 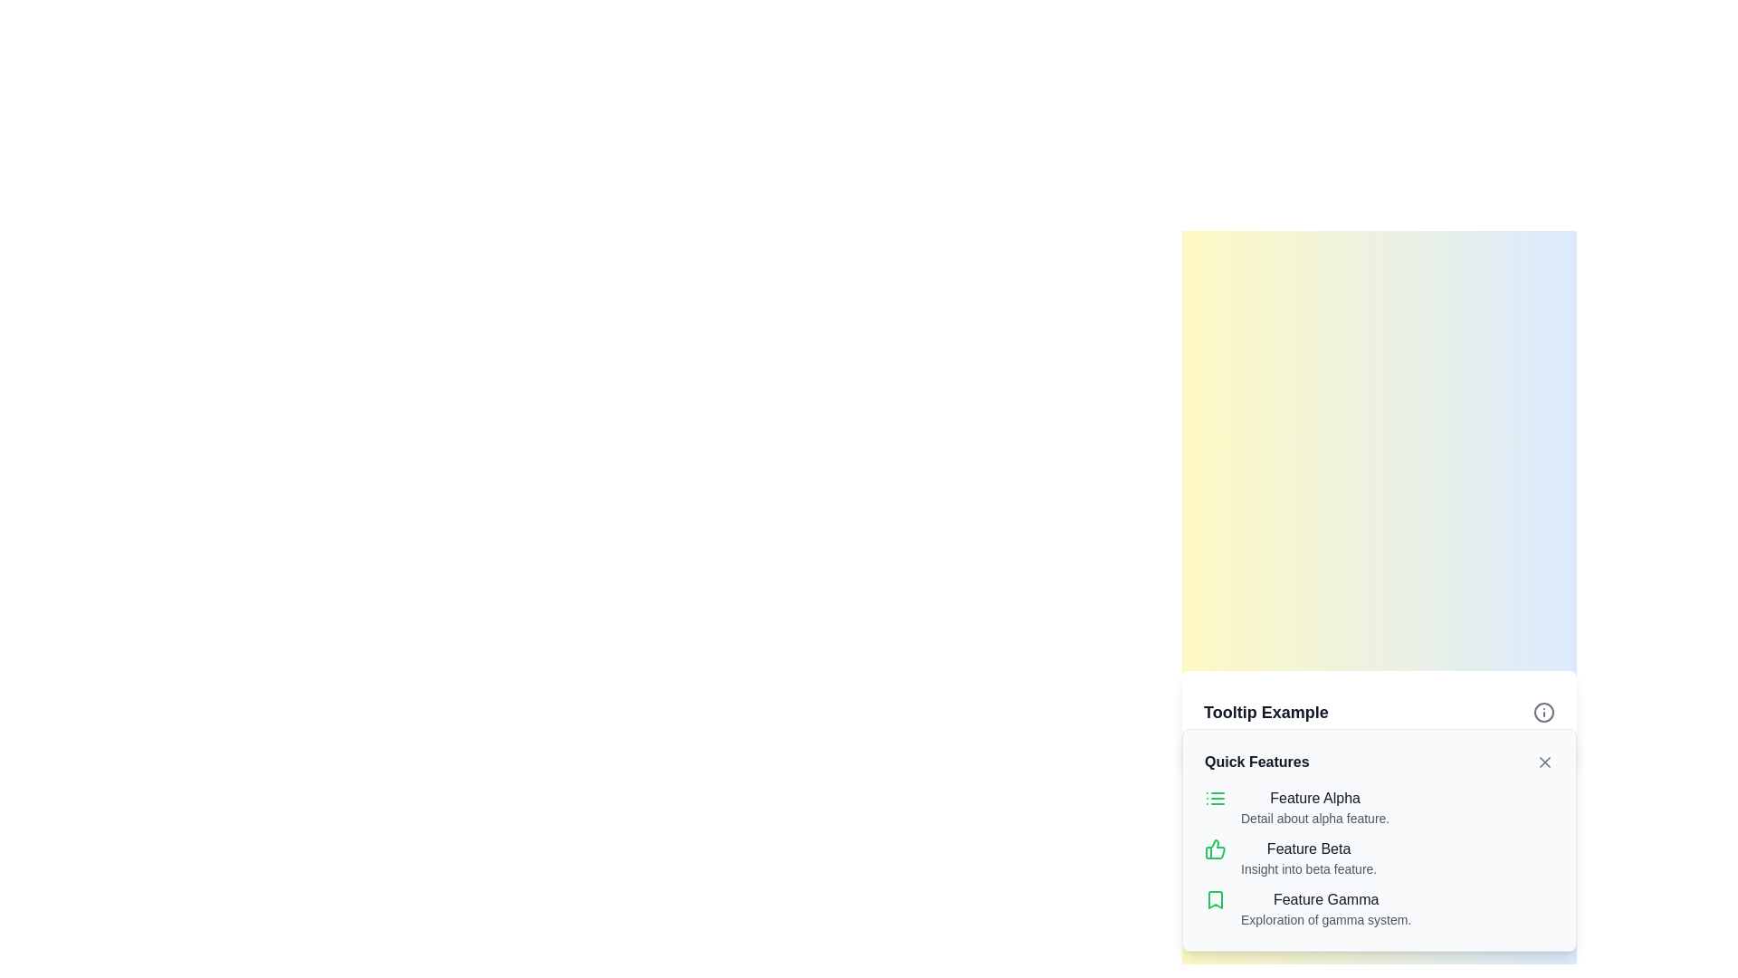 What do you see at coordinates (1378, 840) in the screenshot?
I see `the second list item in the 'Quick Features' panel that displays information about 'Feature Beta'` at bounding box center [1378, 840].